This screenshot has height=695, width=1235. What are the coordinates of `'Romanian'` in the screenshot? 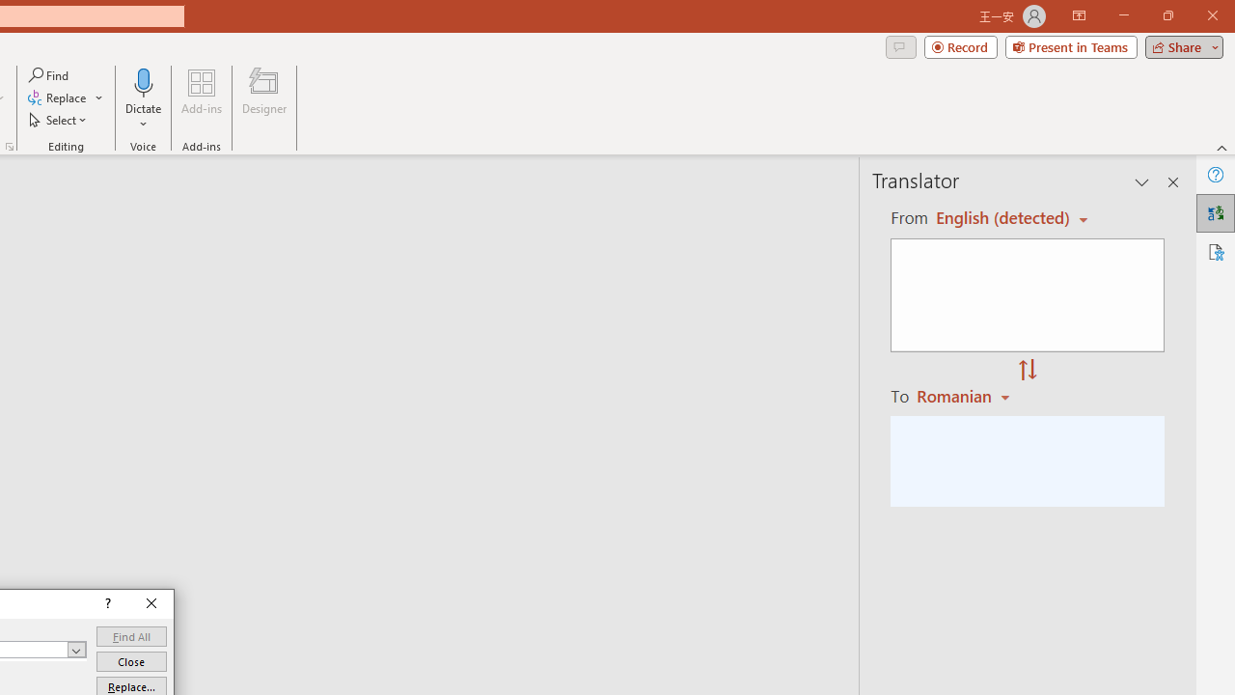 It's located at (966, 395).